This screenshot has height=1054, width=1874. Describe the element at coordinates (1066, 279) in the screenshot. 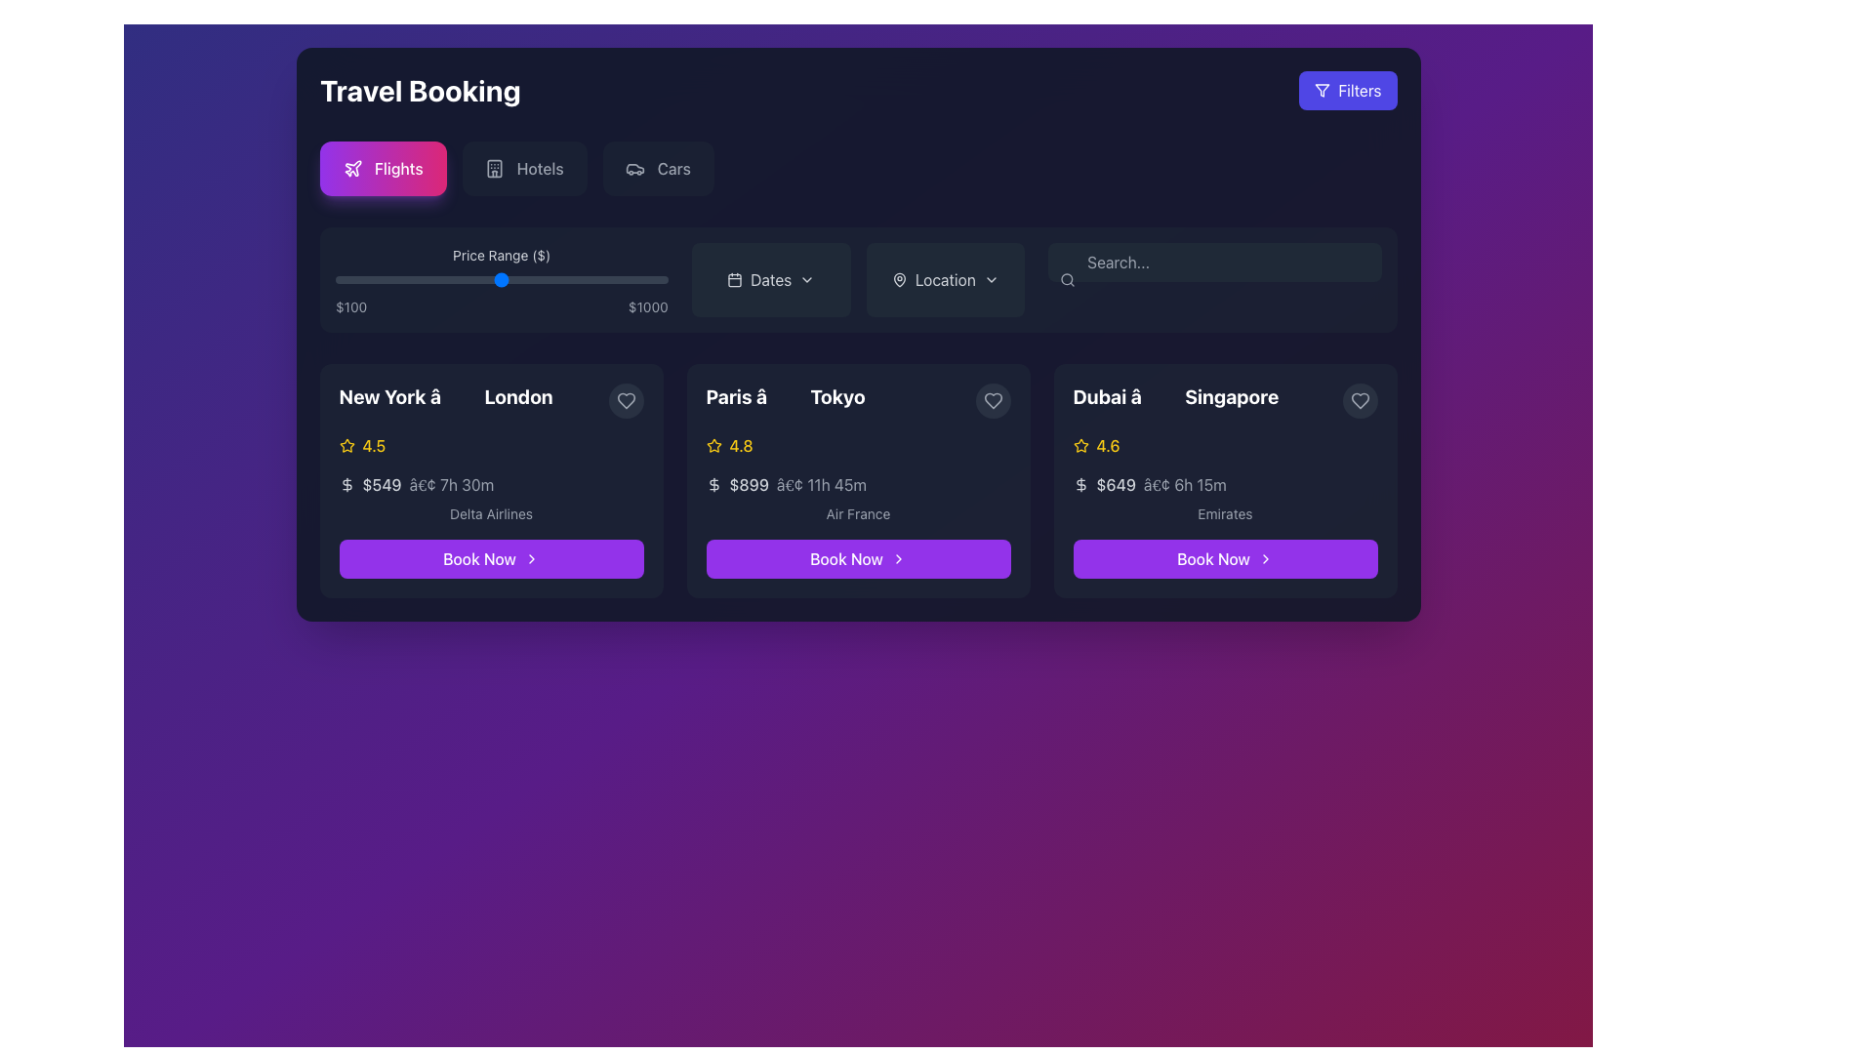

I see `the circular part of the magnifying glass icon within the search bar at the top-right of the flight booking options panel, indicating its use for search functionality` at that location.